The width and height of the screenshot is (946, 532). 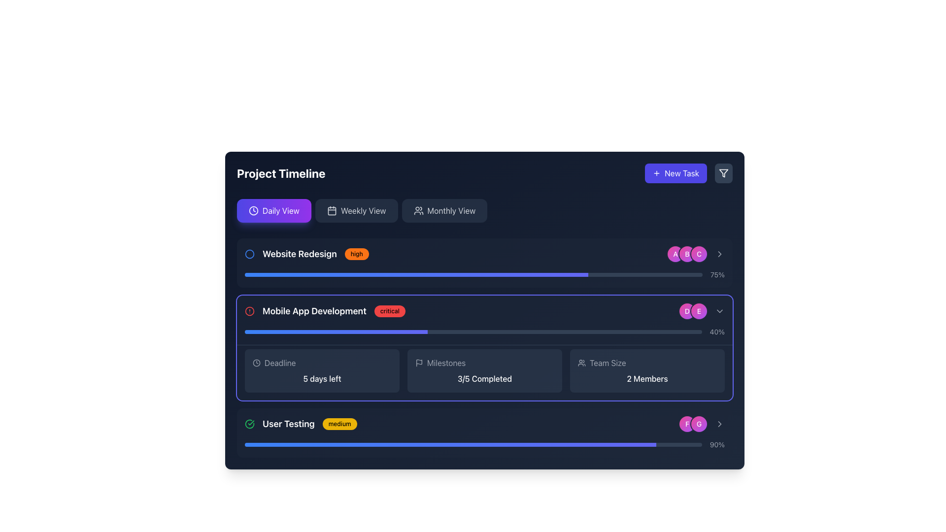 I want to click on progress, so click(x=471, y=275).